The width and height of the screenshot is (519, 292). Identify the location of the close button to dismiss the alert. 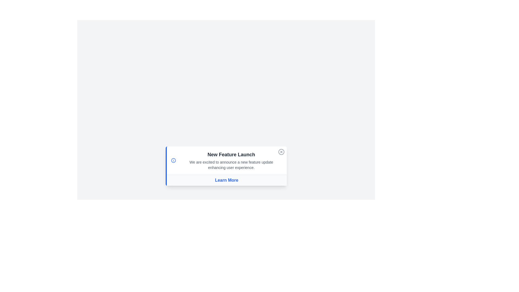
(281, 152).